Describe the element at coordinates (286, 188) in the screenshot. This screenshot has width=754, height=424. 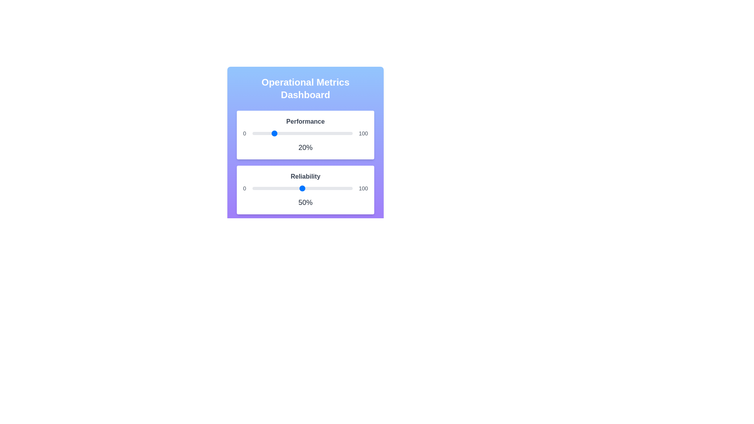
I see `the reliability slider` at that location.